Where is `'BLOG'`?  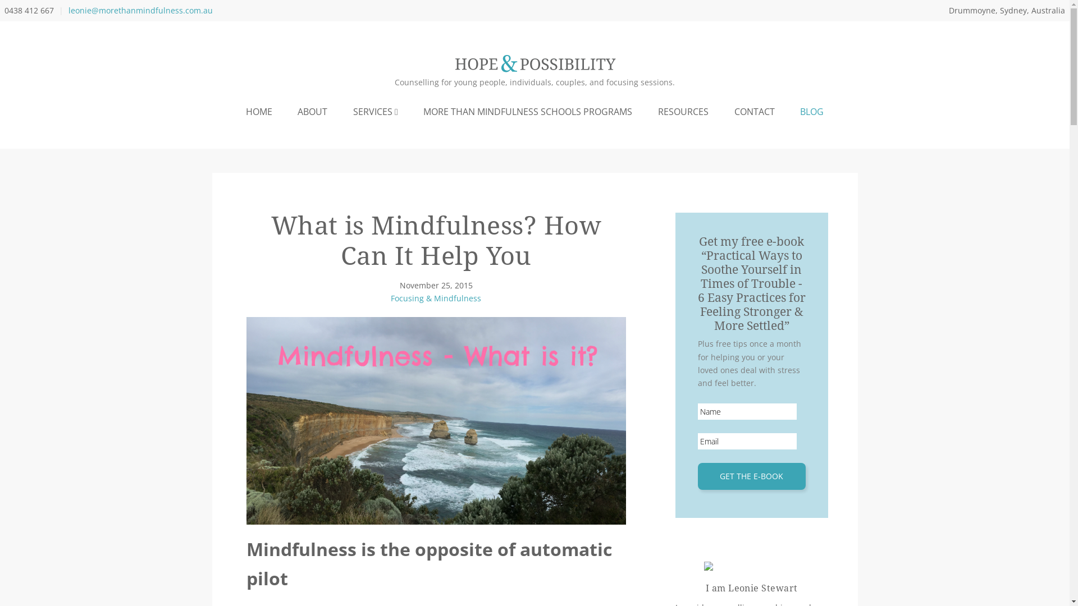 'BLOG' is located at coordinates (787, 111).